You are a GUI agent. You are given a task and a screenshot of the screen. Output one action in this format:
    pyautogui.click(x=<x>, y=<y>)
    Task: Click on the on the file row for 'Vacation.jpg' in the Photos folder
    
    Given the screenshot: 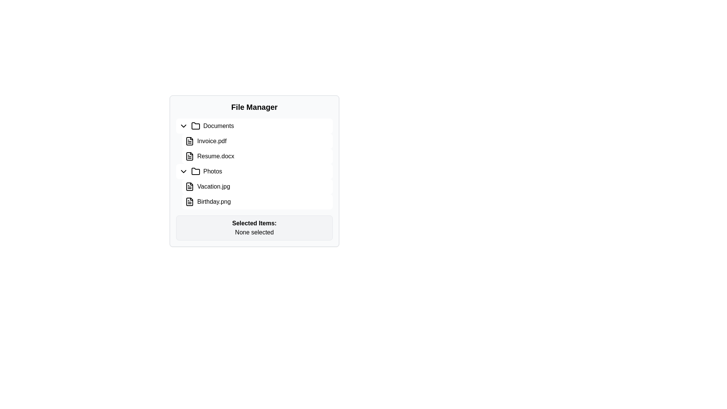 What is the action you would take?
    pyautogui.click(x=257, y=187)
    